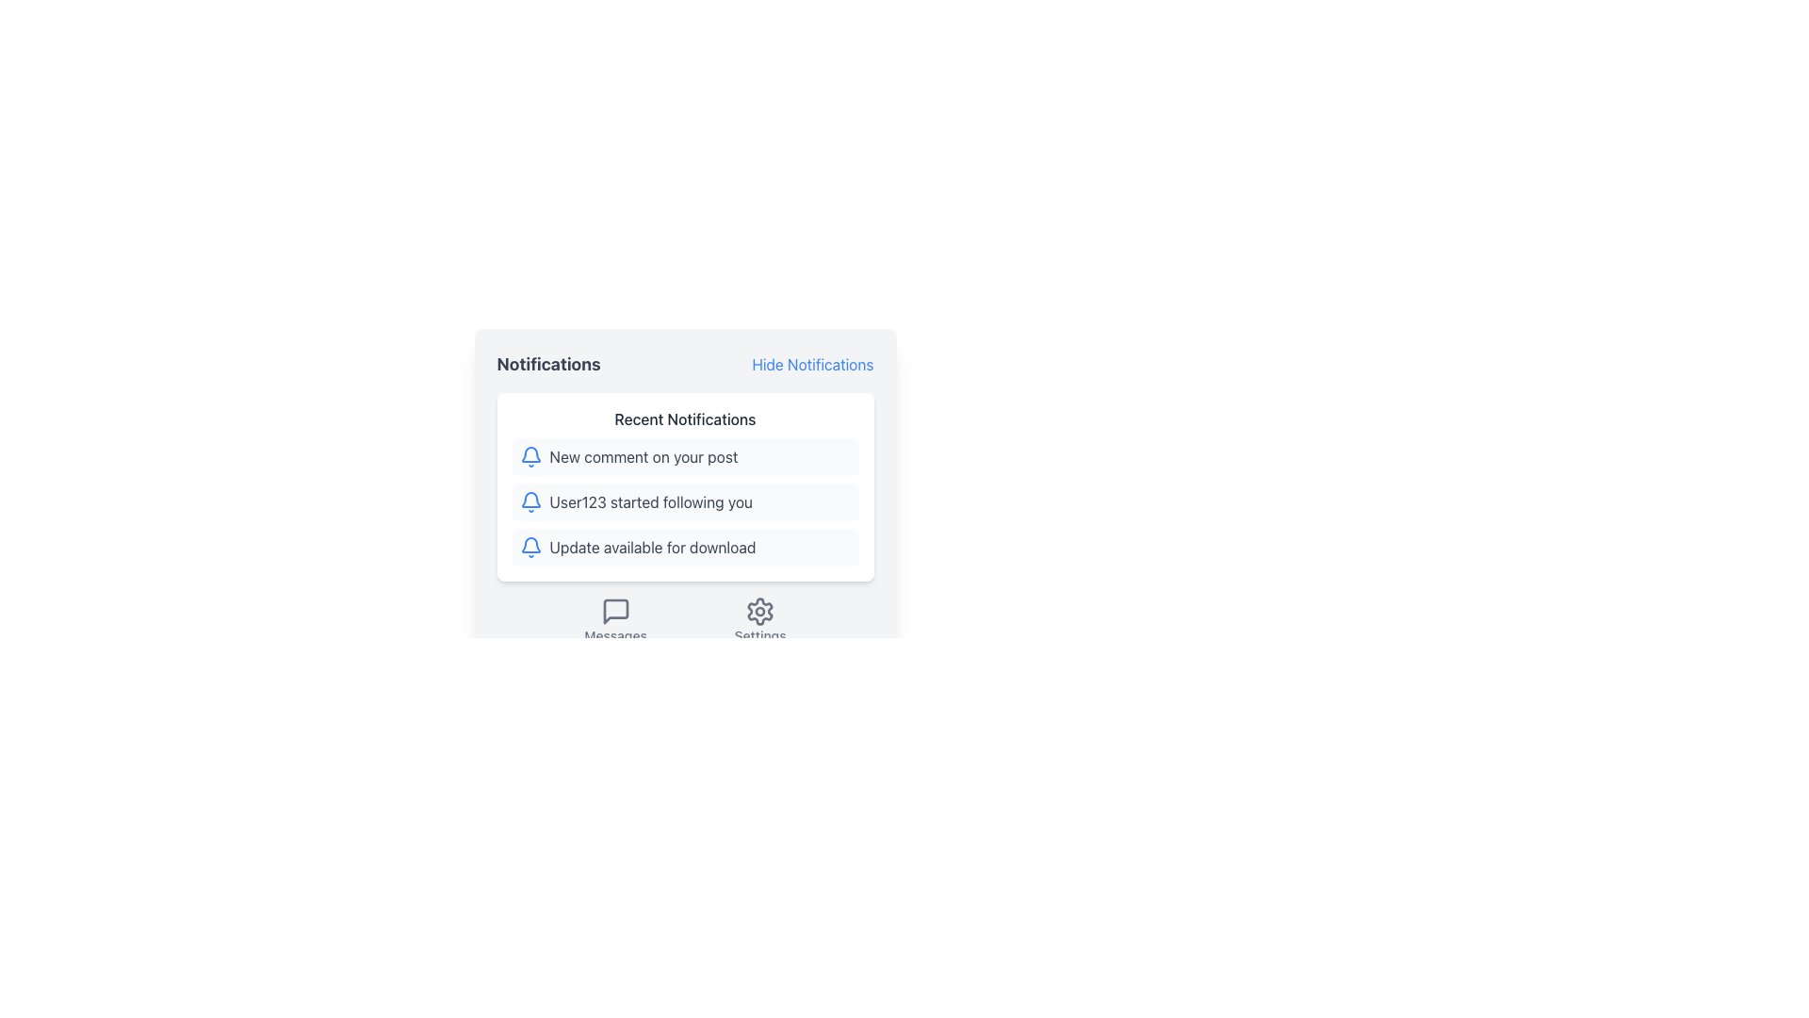 This screenshot has height=1018, width=1809. What do you see at coordinates (684, 457) in the screenshot?
I see `the first notification item that includes a blue bell icon and the text 'New comment on your post' in gray font, positioned below the 'Recent Notifications' header` at bounding box center [684, 457].